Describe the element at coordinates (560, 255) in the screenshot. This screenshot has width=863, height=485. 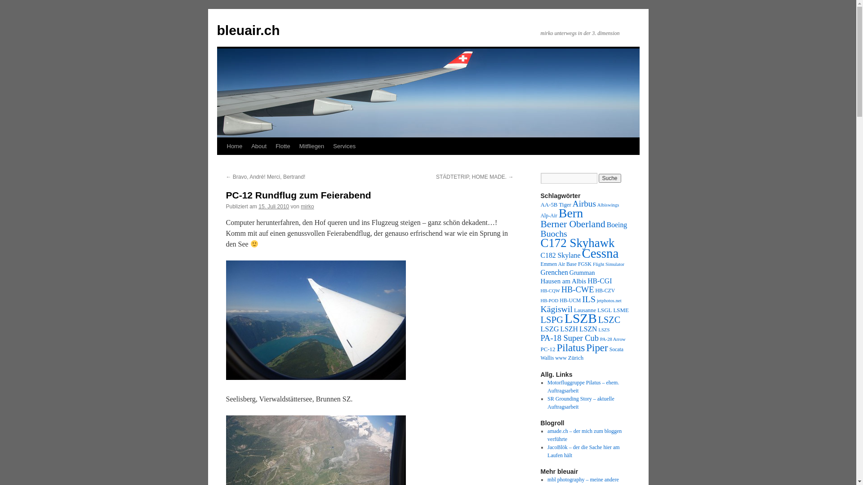
I see `'C182 Skylane'` at that location.